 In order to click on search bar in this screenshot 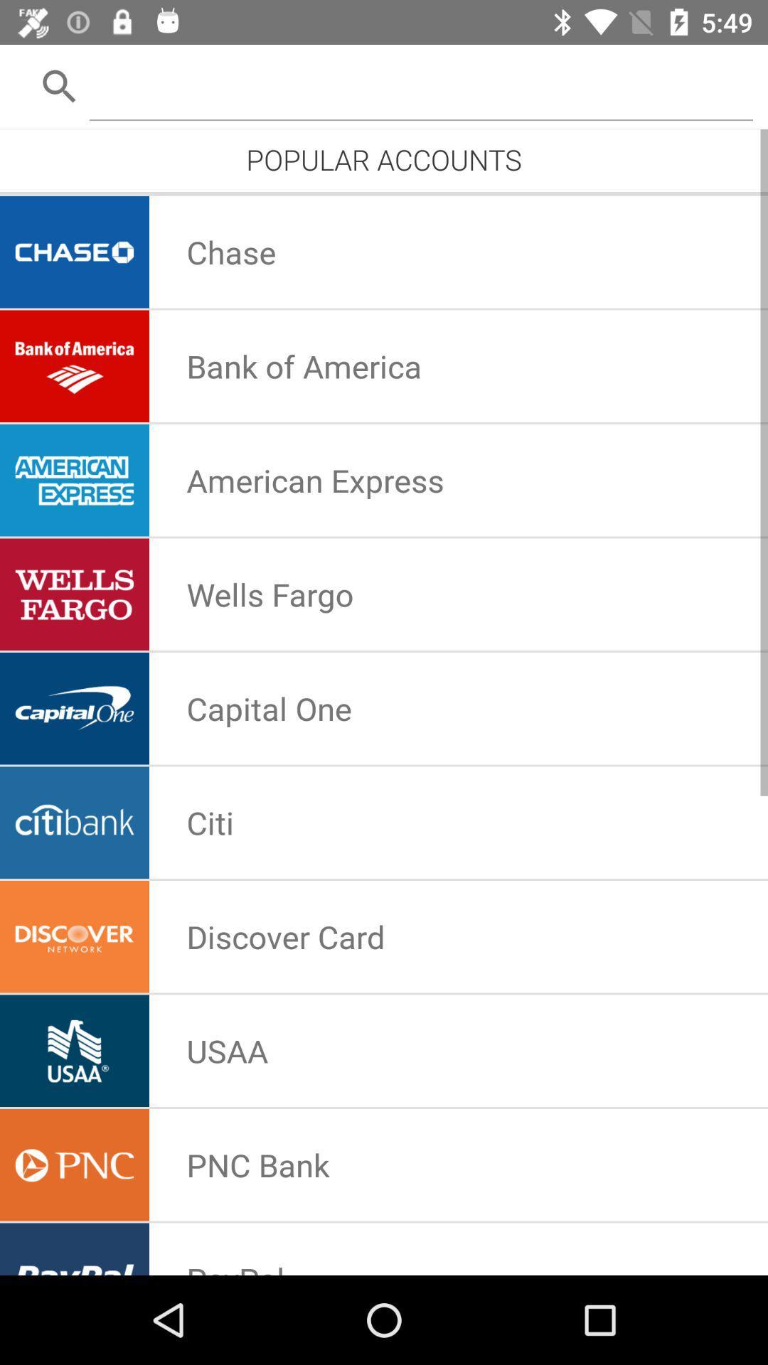, I will do `click(420, 85)`.